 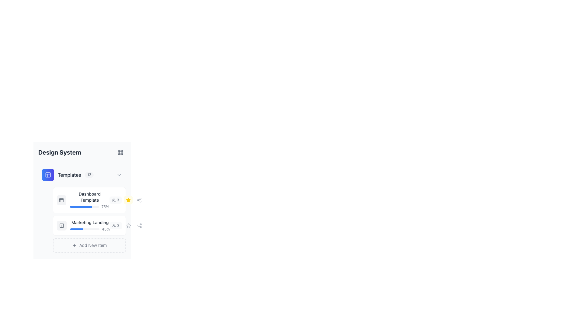 I want to click on the 'Templates' button with an icon and badge, so click(x=68, y=175).